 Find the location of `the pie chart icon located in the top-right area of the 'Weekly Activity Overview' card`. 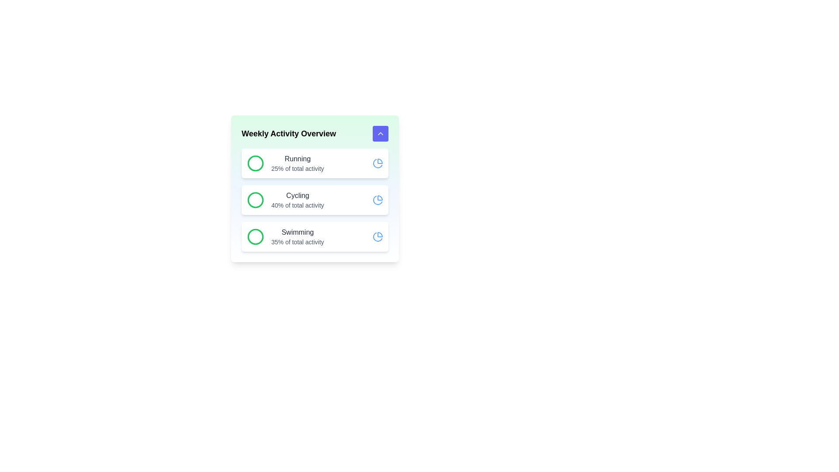

the pie chart icon located in the top-right area of the 'Weekly Activity Overview' card is located at coordinates (380, 234).